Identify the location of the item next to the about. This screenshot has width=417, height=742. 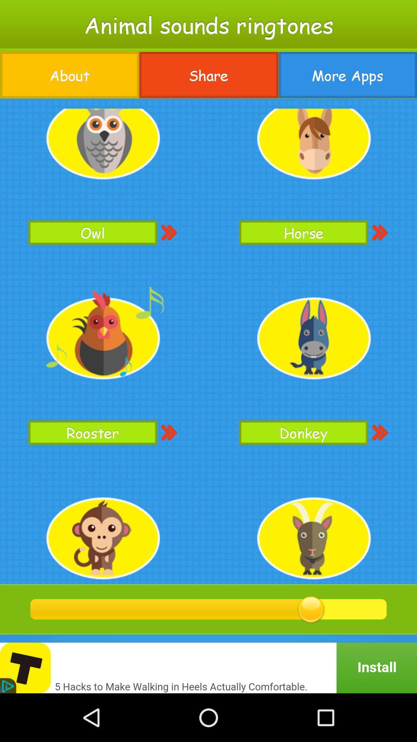
(208, 75).